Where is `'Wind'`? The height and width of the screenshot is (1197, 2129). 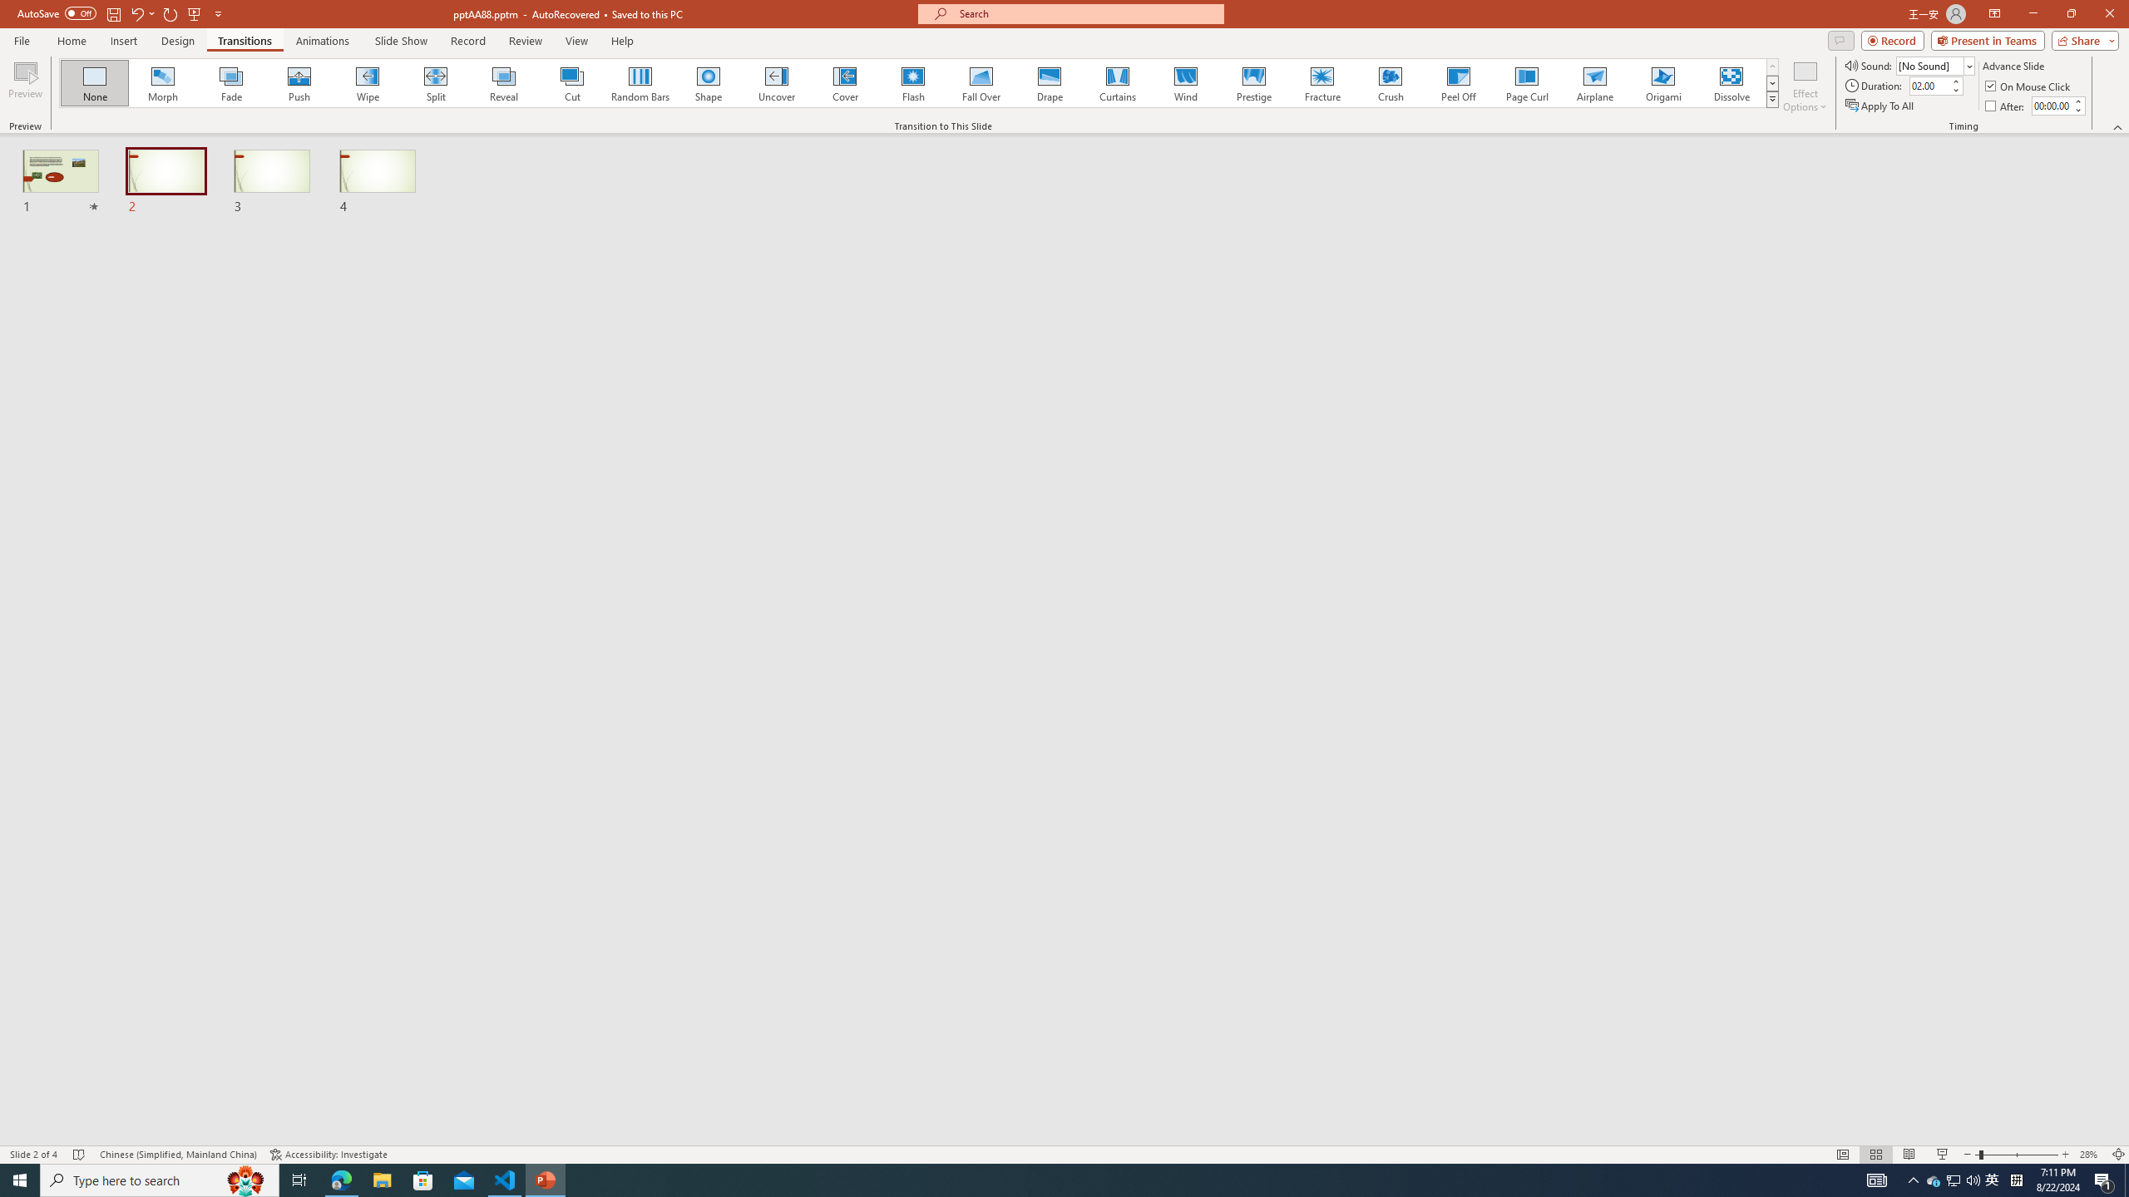 'Wind' is located at coordinates (1184, 82).